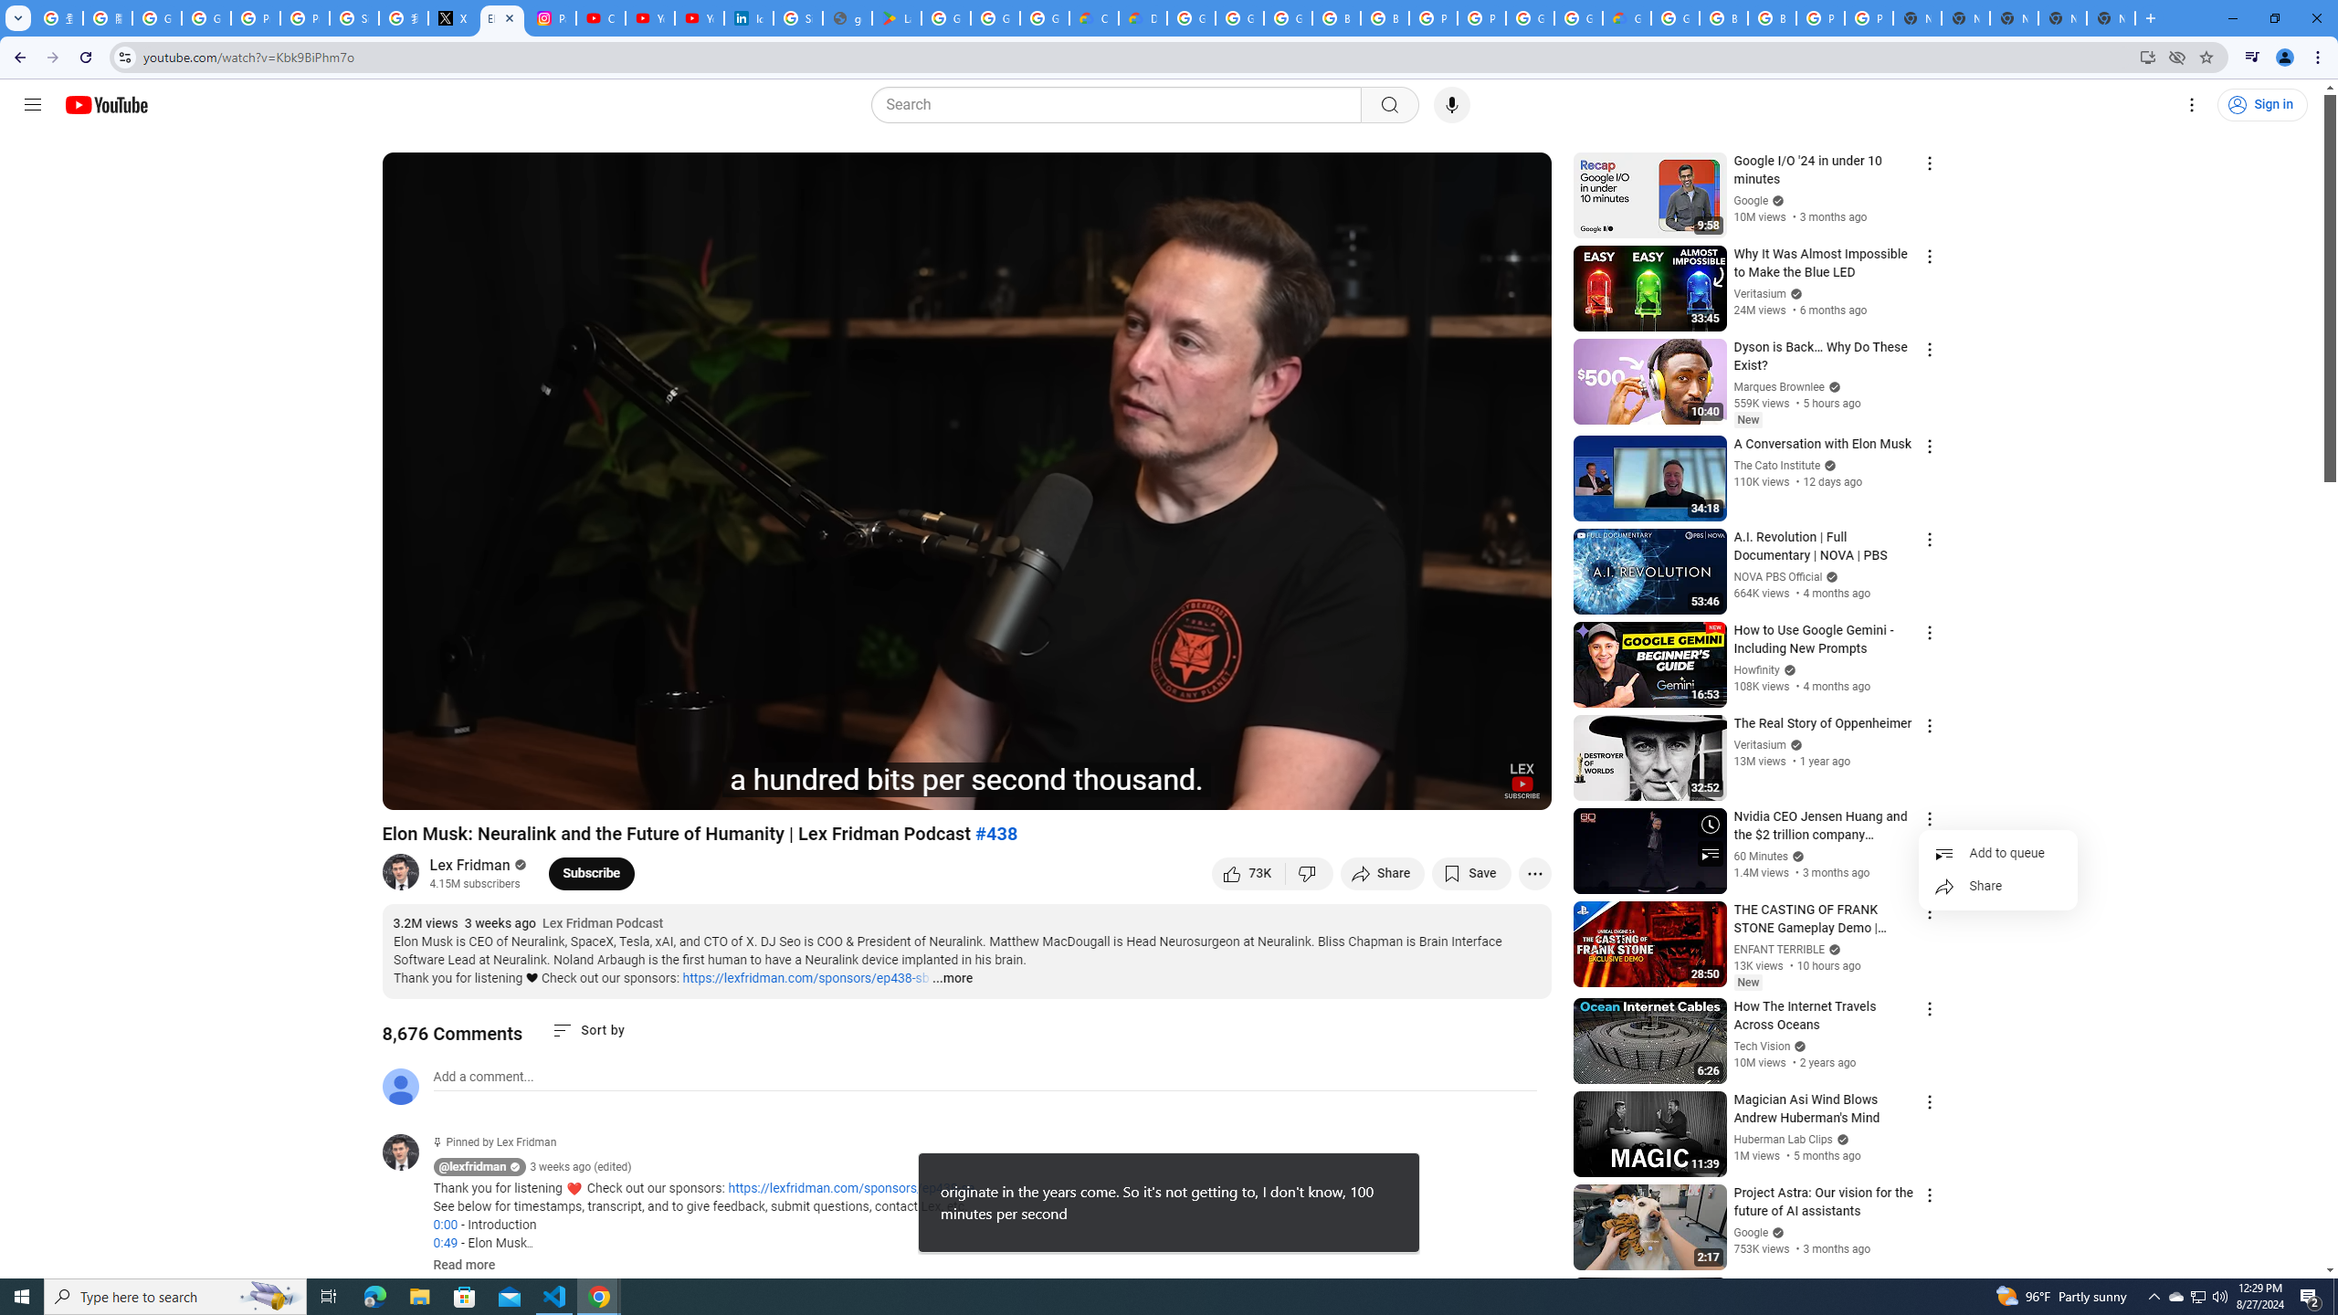 The image size is (2338, 1315). What do you see at coordinates (950, 979) in the screenshot?
I see `'...more'` at bounding box center [950, 979].